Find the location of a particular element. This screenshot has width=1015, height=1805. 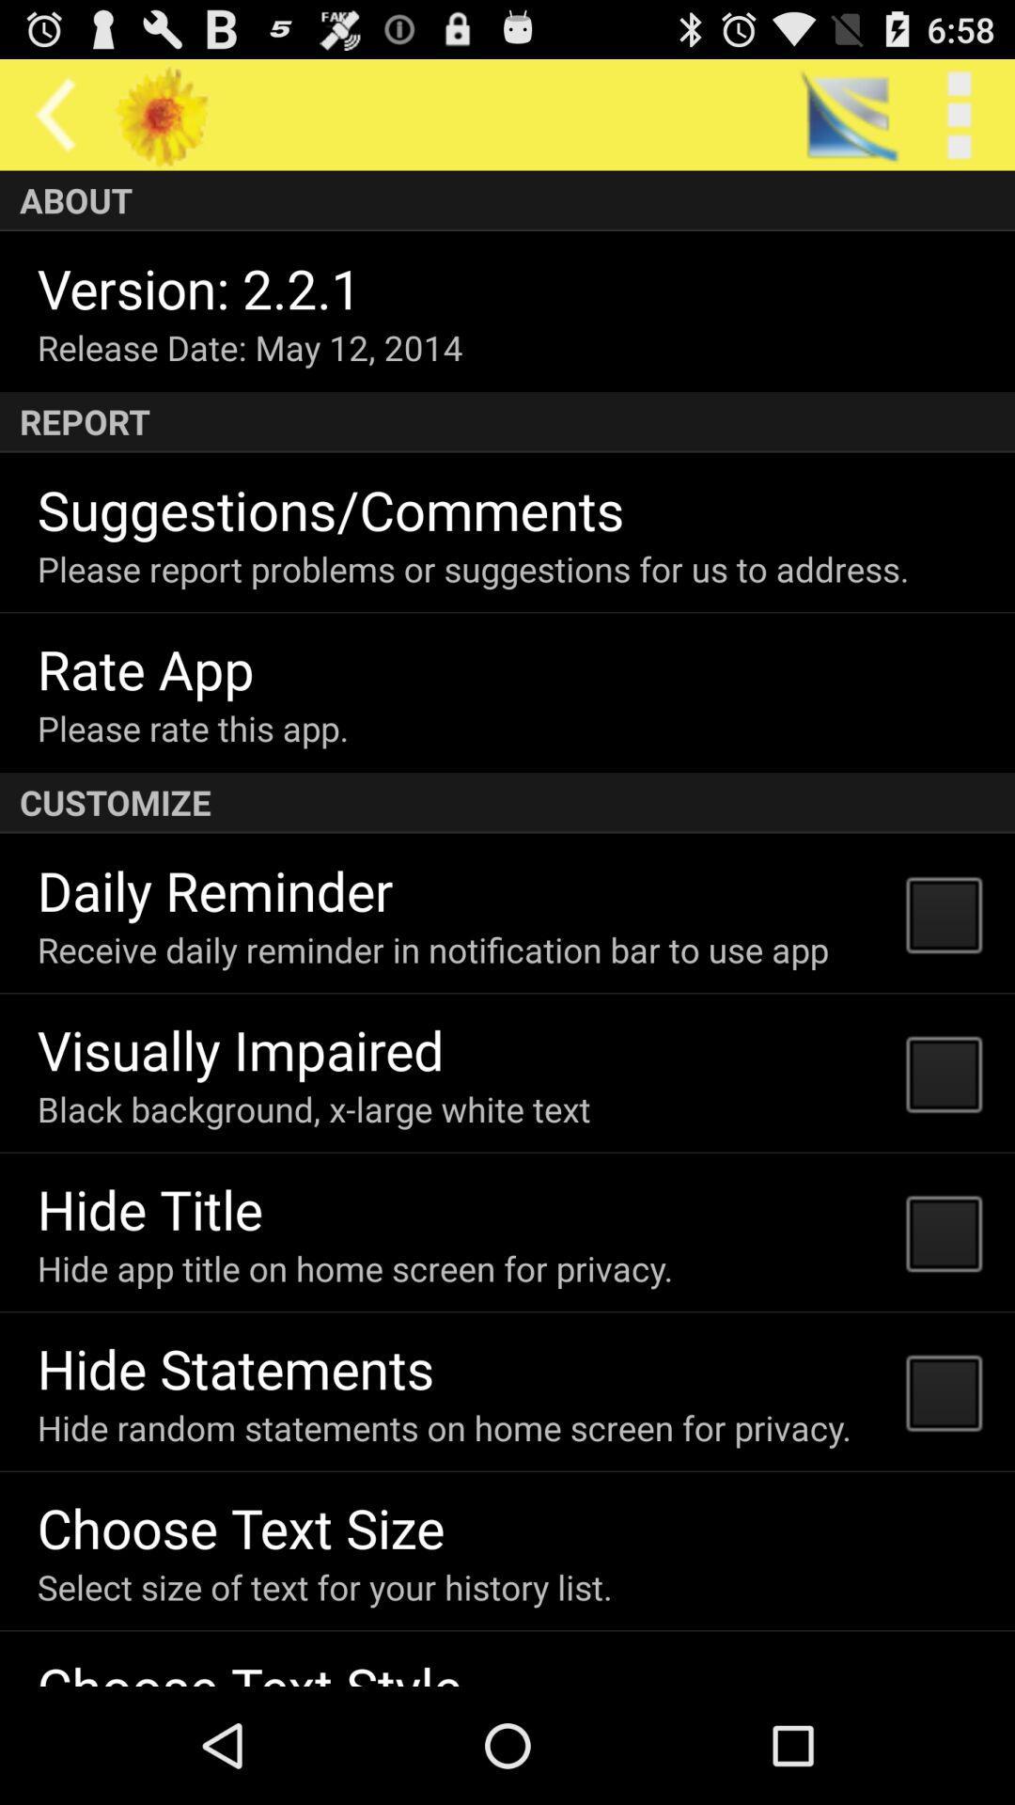

please report problems item is located at coordinates (472, 568).